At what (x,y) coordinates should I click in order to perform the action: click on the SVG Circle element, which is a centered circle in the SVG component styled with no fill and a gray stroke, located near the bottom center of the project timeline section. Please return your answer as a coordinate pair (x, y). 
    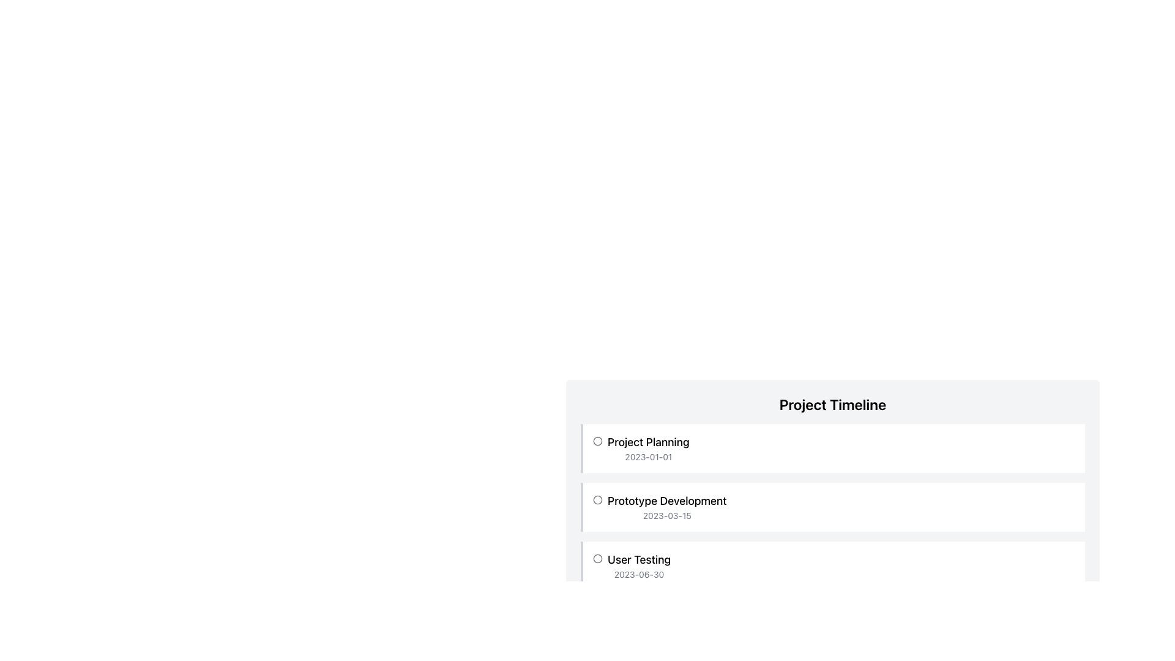
    Looking at the image, I should click on (598, 618).